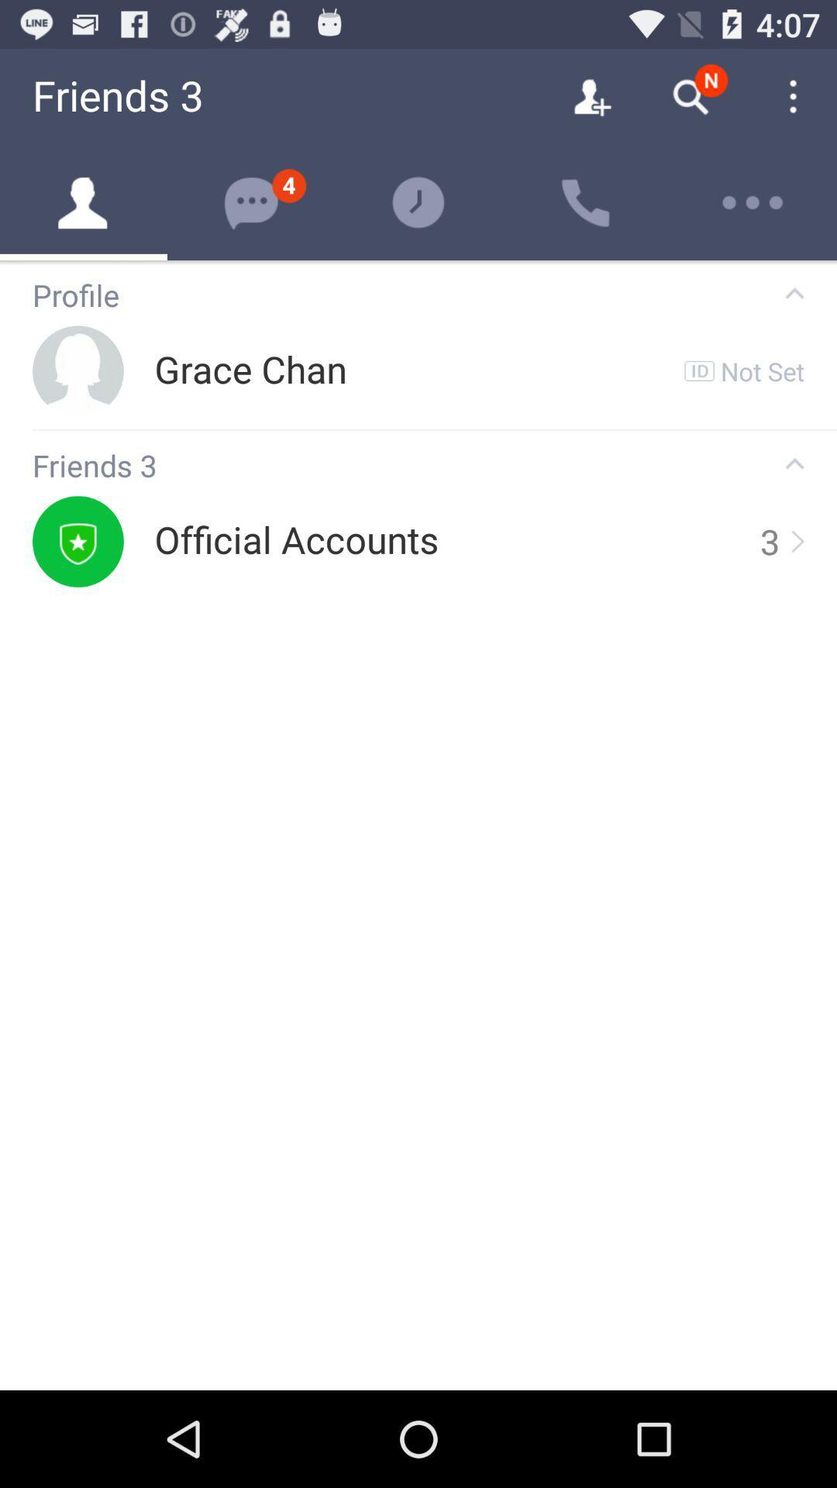  What do you see at coordinates (418, 263) in the screenshot?
I see `the item above the profile` at bounding box center [418, 263].